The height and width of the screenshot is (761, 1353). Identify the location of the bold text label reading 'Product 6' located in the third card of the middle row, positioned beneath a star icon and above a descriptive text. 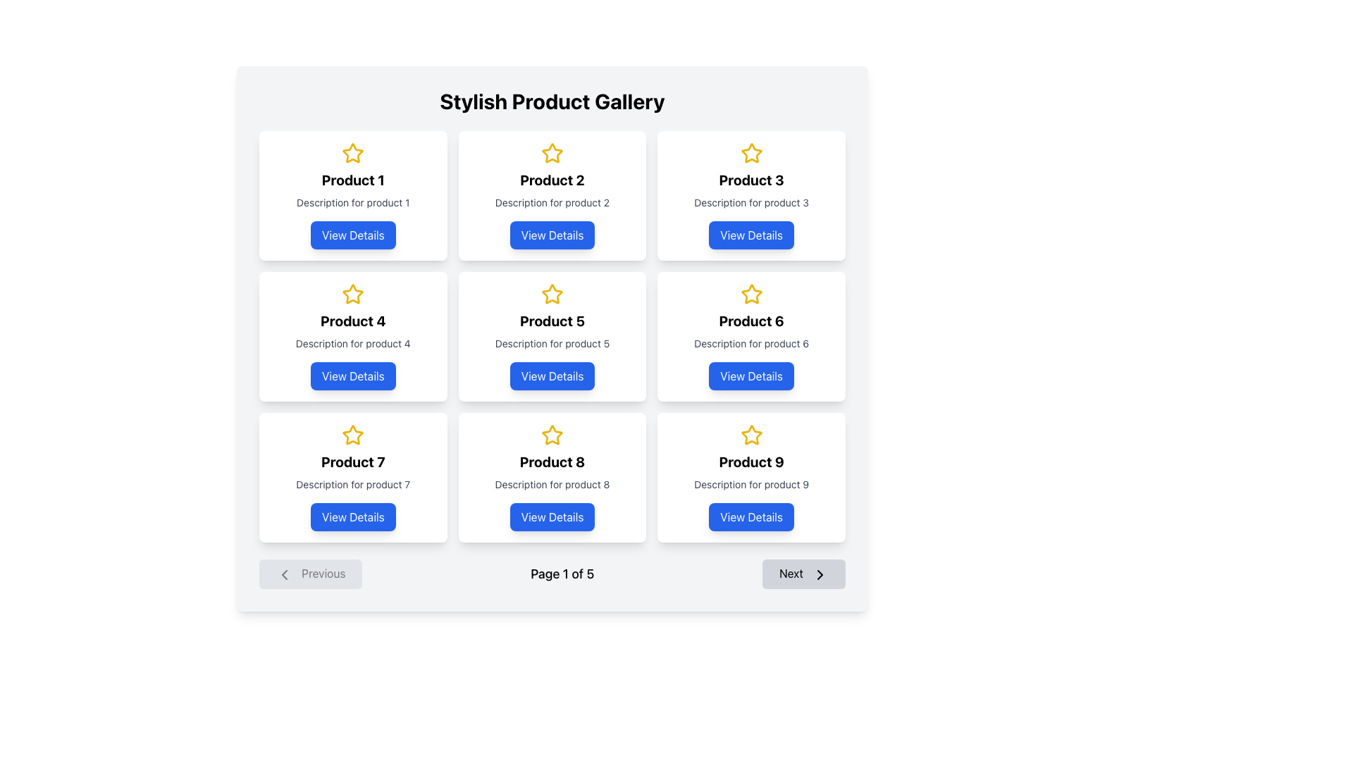
(750, 321).